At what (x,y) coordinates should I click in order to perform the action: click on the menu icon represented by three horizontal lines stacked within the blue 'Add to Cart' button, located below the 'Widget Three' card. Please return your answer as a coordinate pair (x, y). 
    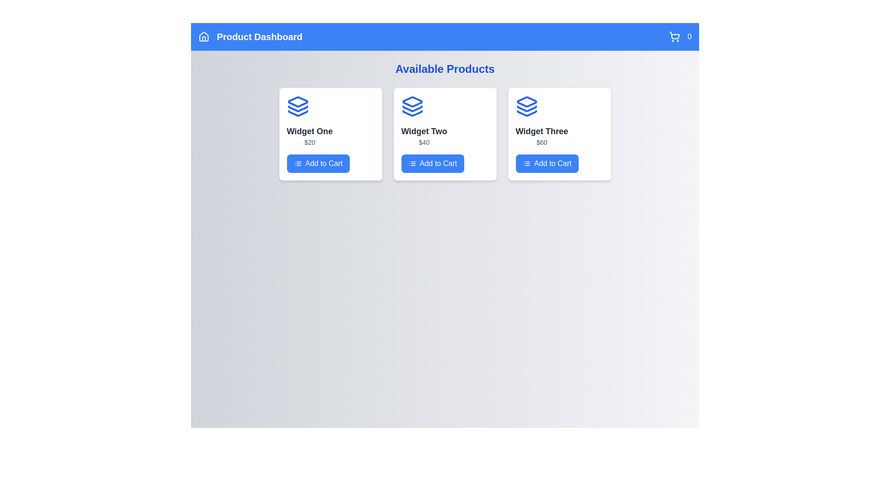
    Looking at the image, I should click on (527, 163).